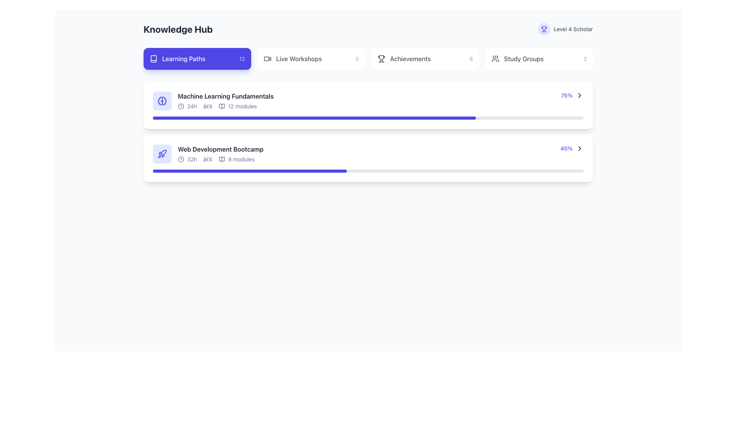  I want to click on the title of the first learning module in the 'Learning Paths' section, so click(213, 100).